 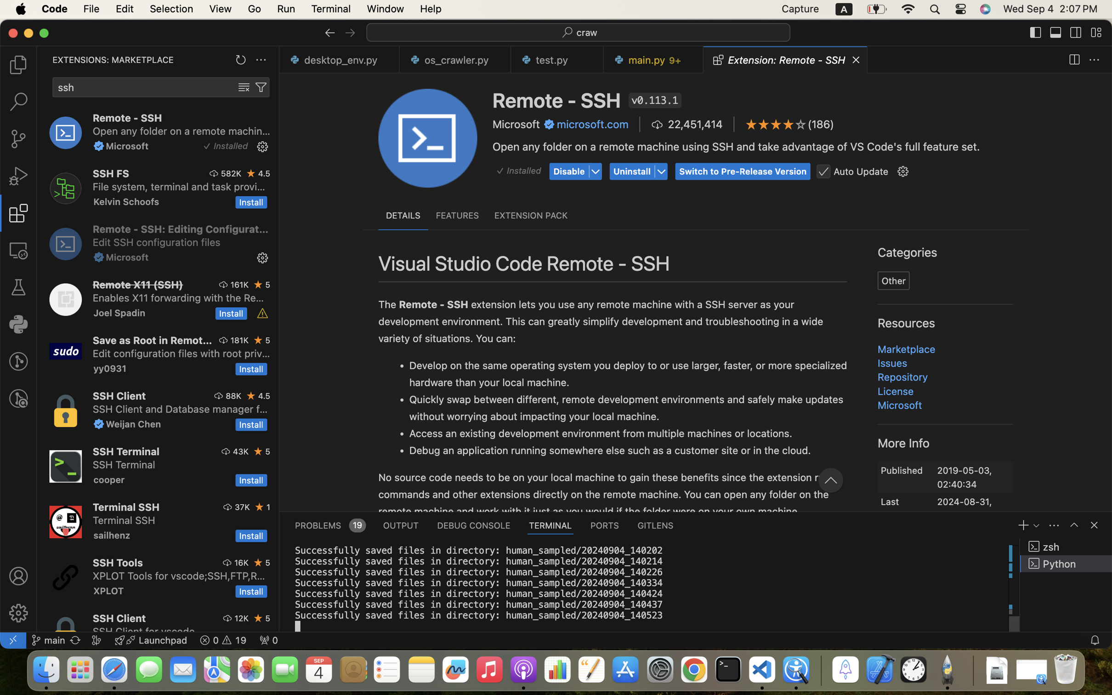 I want to click on '12K', so click(x=241, y=617).